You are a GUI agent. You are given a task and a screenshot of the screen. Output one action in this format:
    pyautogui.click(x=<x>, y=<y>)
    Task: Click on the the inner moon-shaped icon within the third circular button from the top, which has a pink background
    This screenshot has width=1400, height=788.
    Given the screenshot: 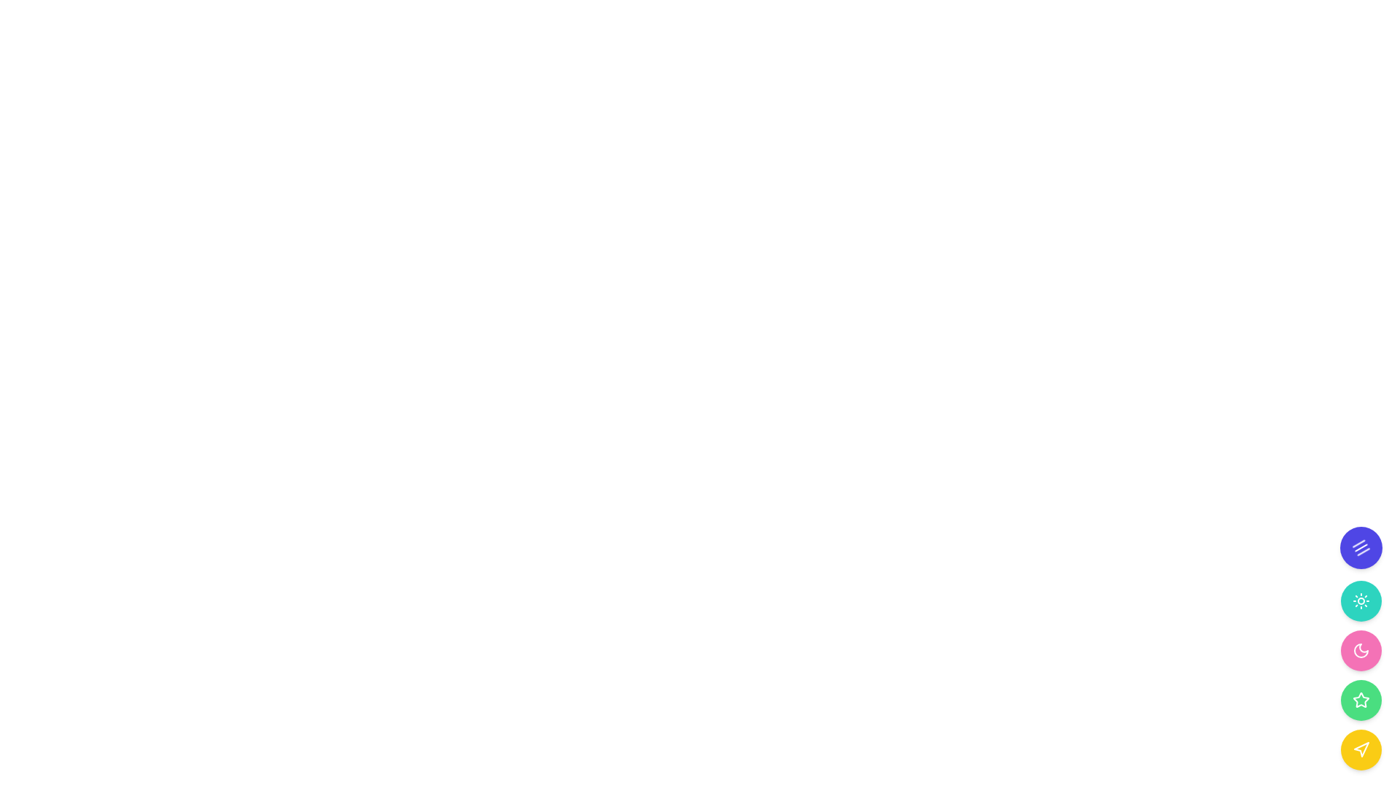 What is the action you would take?
    pyautogui.click(x=1361, y=649)
    